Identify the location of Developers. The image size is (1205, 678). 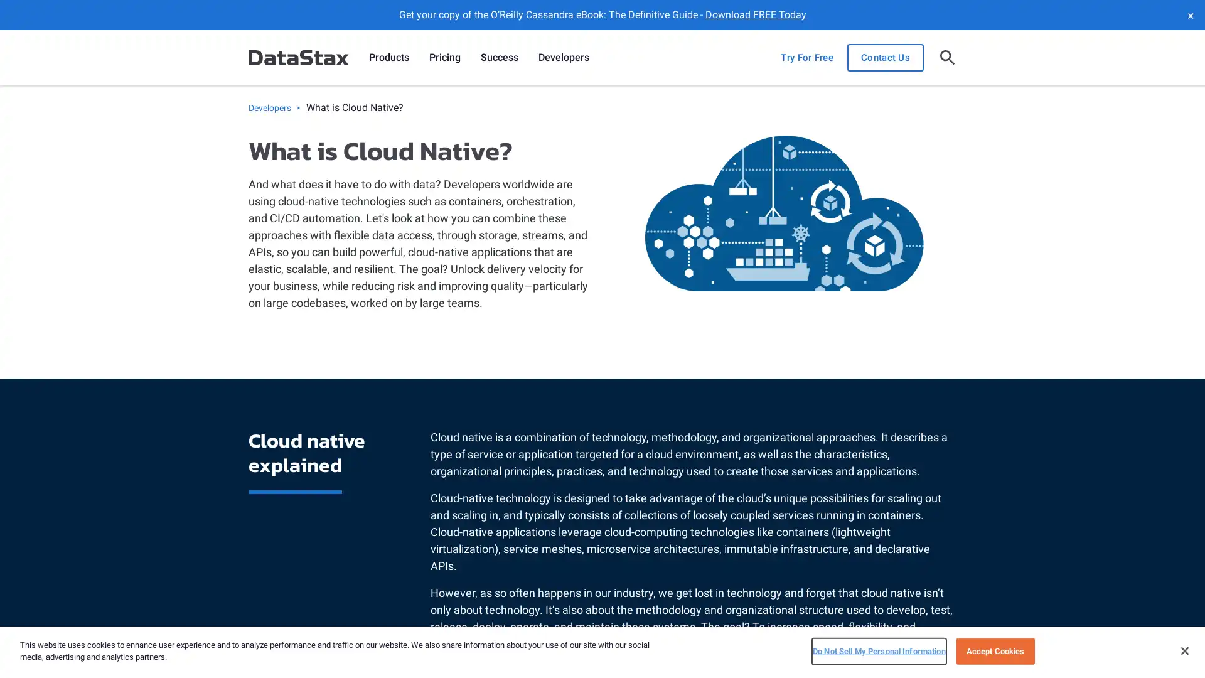
(563, 58).